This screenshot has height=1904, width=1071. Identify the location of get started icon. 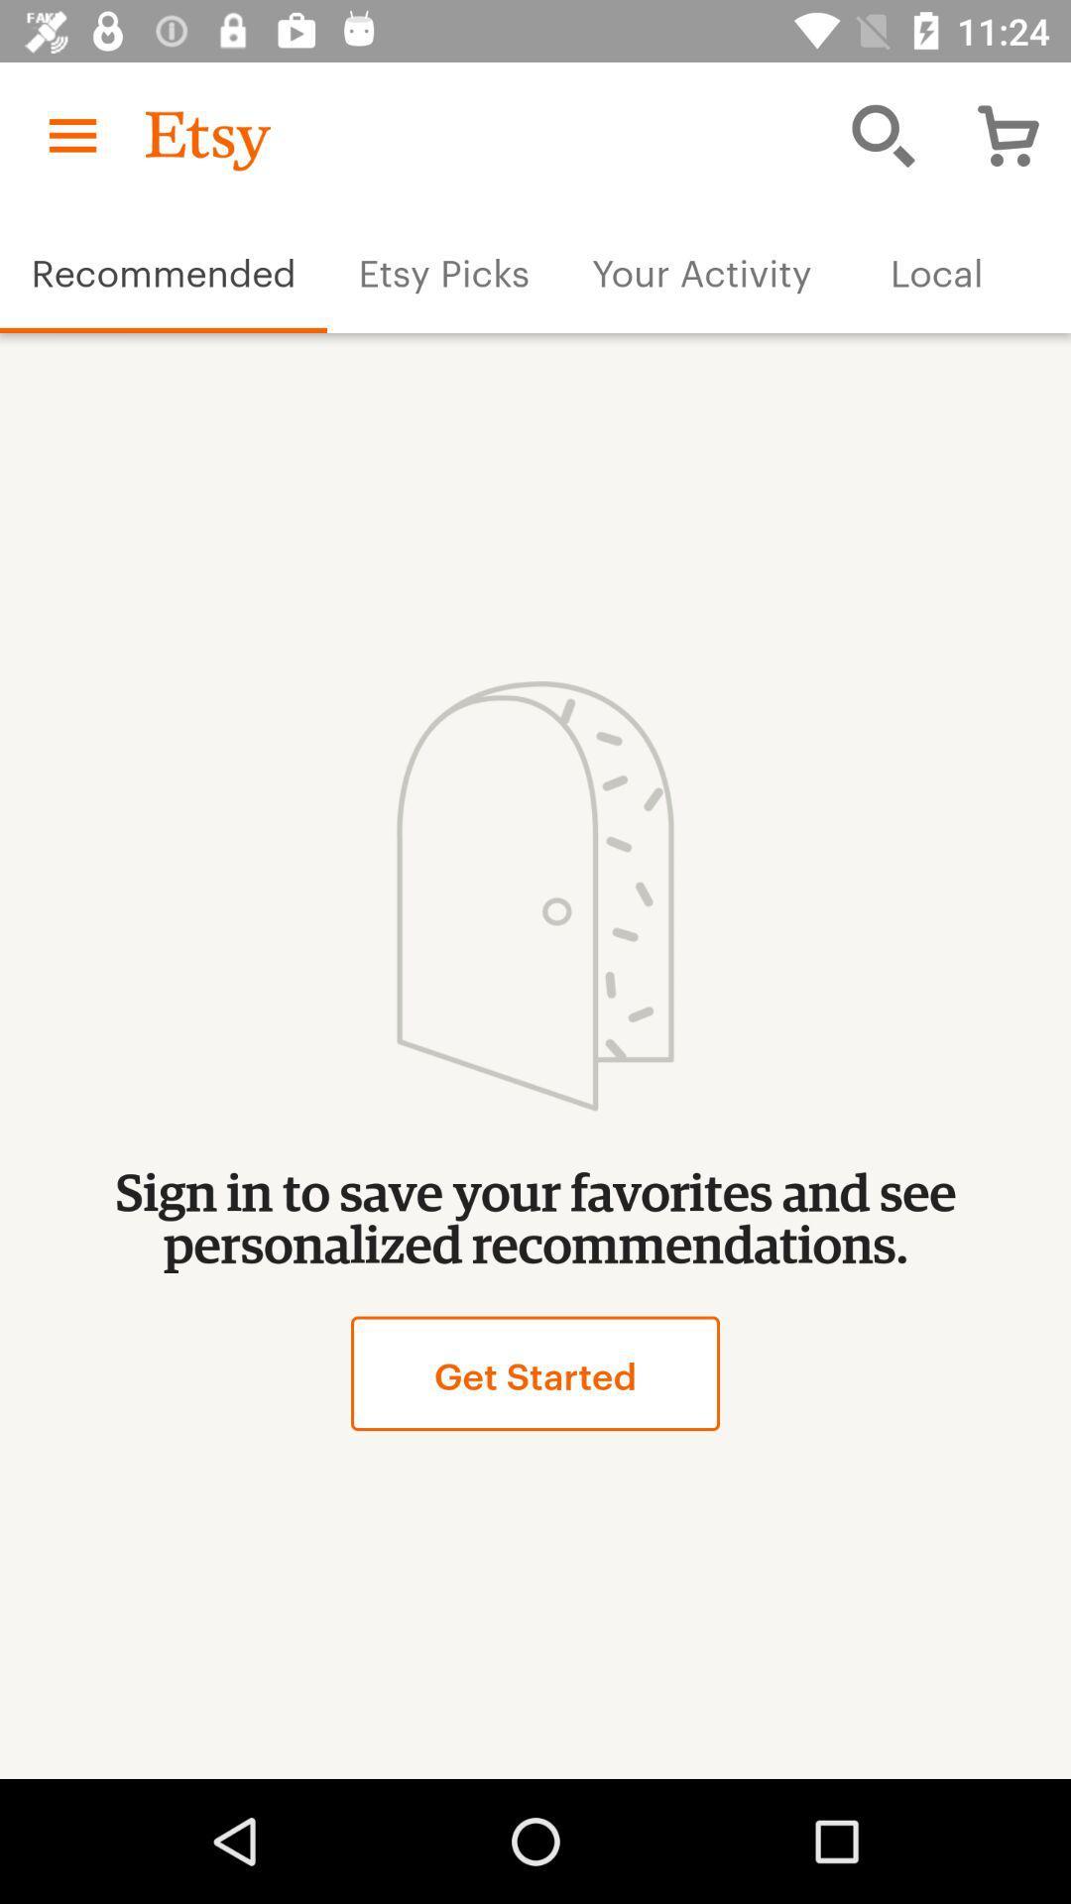
(535, 1372).